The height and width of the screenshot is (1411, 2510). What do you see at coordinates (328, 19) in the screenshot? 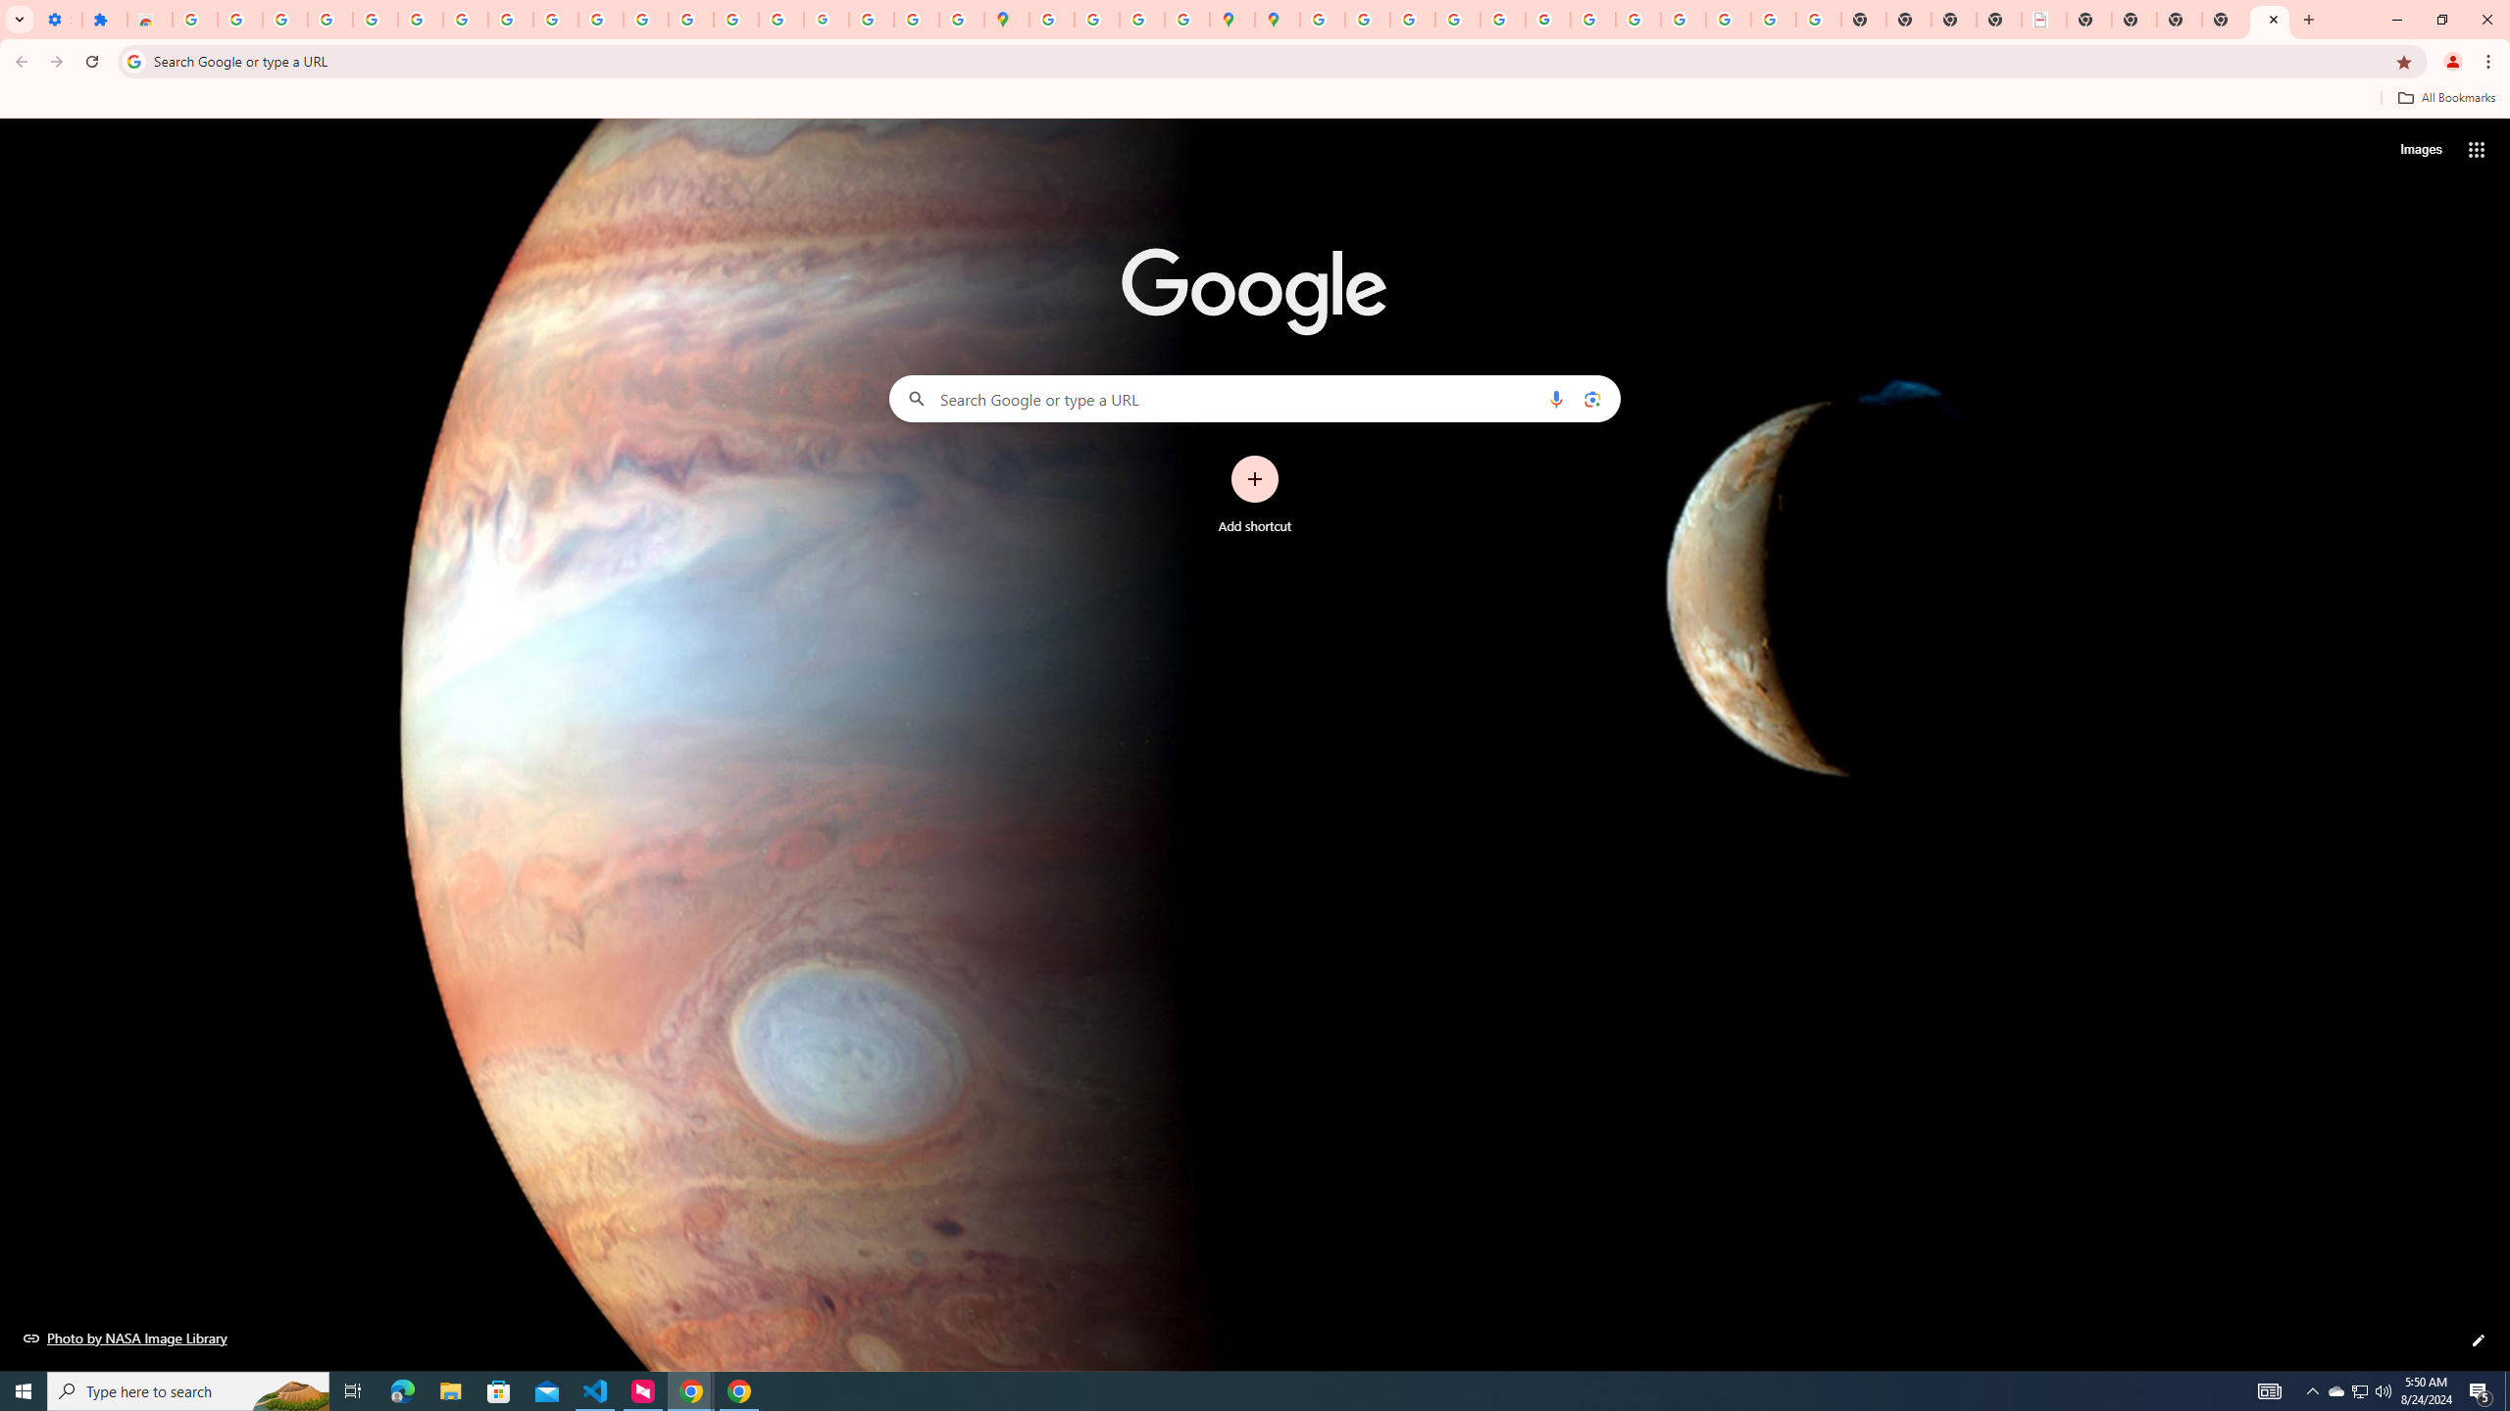
I see `'Learn how to find your photos - Google Photos Help'` at bounding box center [328, 19].